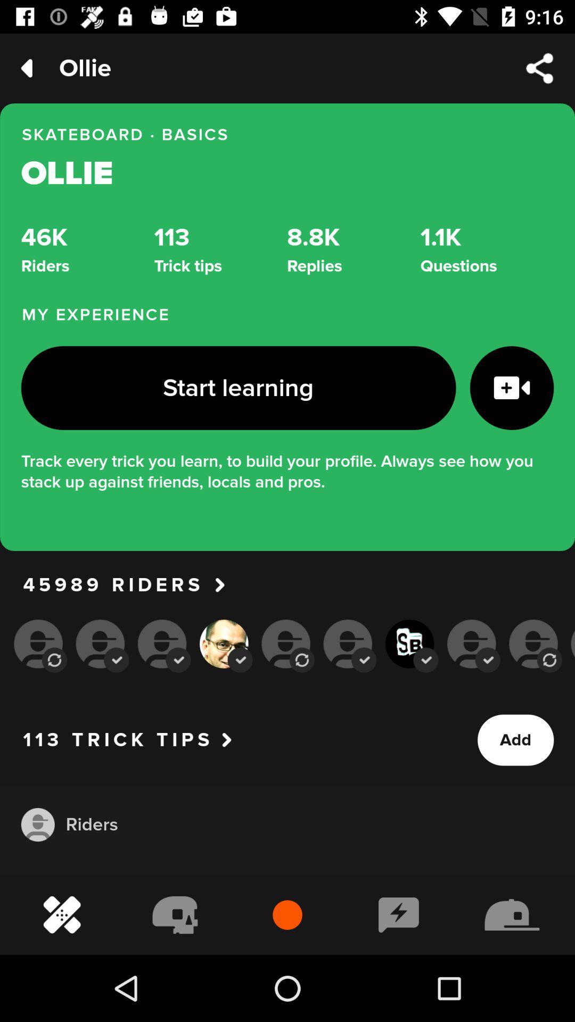  What do you see at coordinates (26, 68) in the screenshot?
I see `the arrow_backward icon` at bounding box center [26, 68].